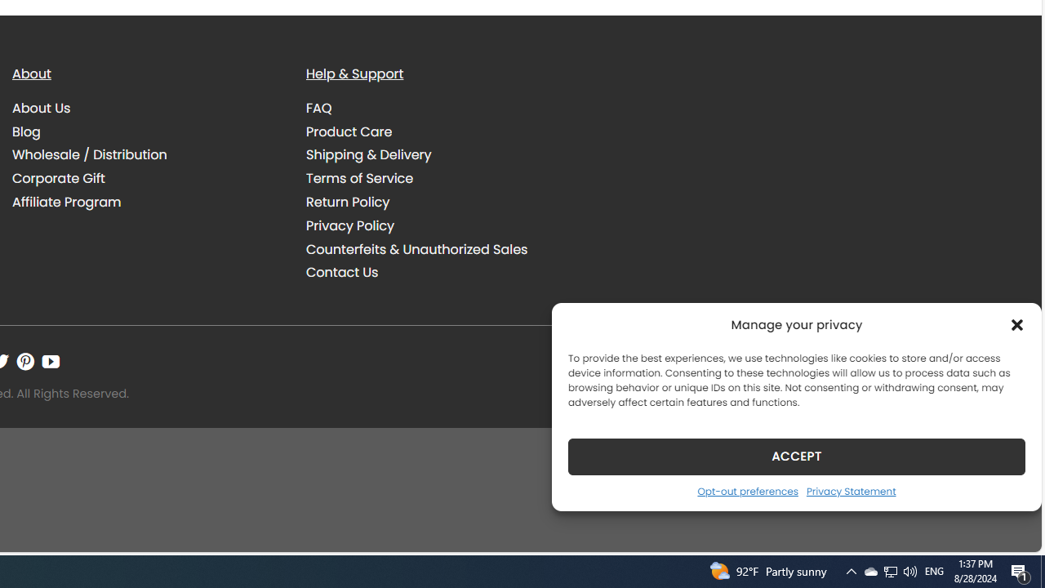  What do you see at coordinates (341, 272) in the screenshot?
I see `'Contact Us'` at bounding box center [341, 272].